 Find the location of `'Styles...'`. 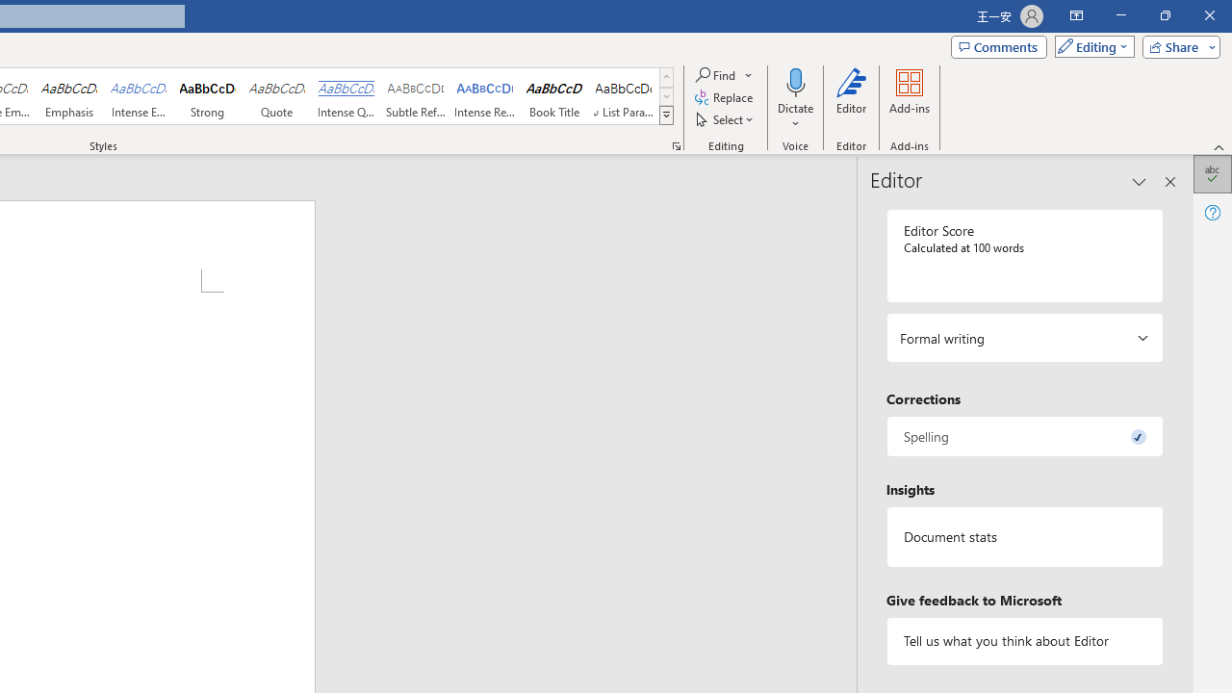

'Styles...' is located at coordinates (676, 144).